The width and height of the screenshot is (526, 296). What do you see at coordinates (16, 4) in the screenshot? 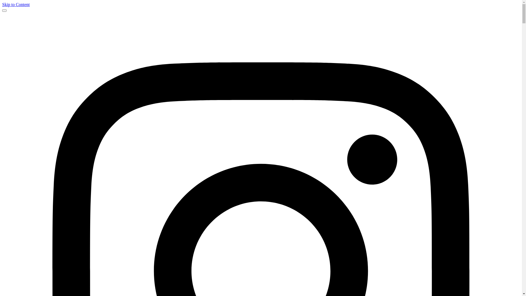
I see `'Skip to Content'` at bounding box center [16, 4].